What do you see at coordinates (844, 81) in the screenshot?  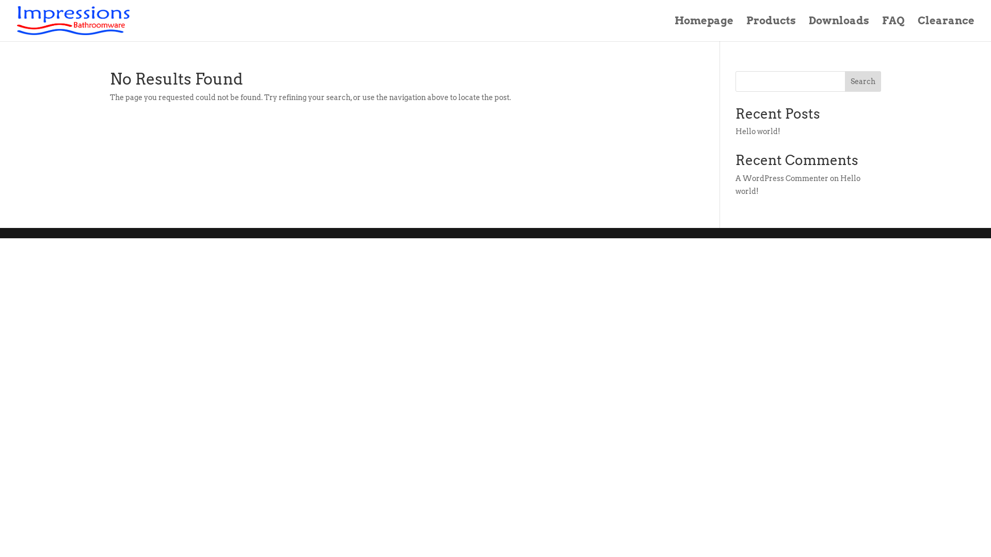 I see `'Search'` at bounding box center [844, 81].